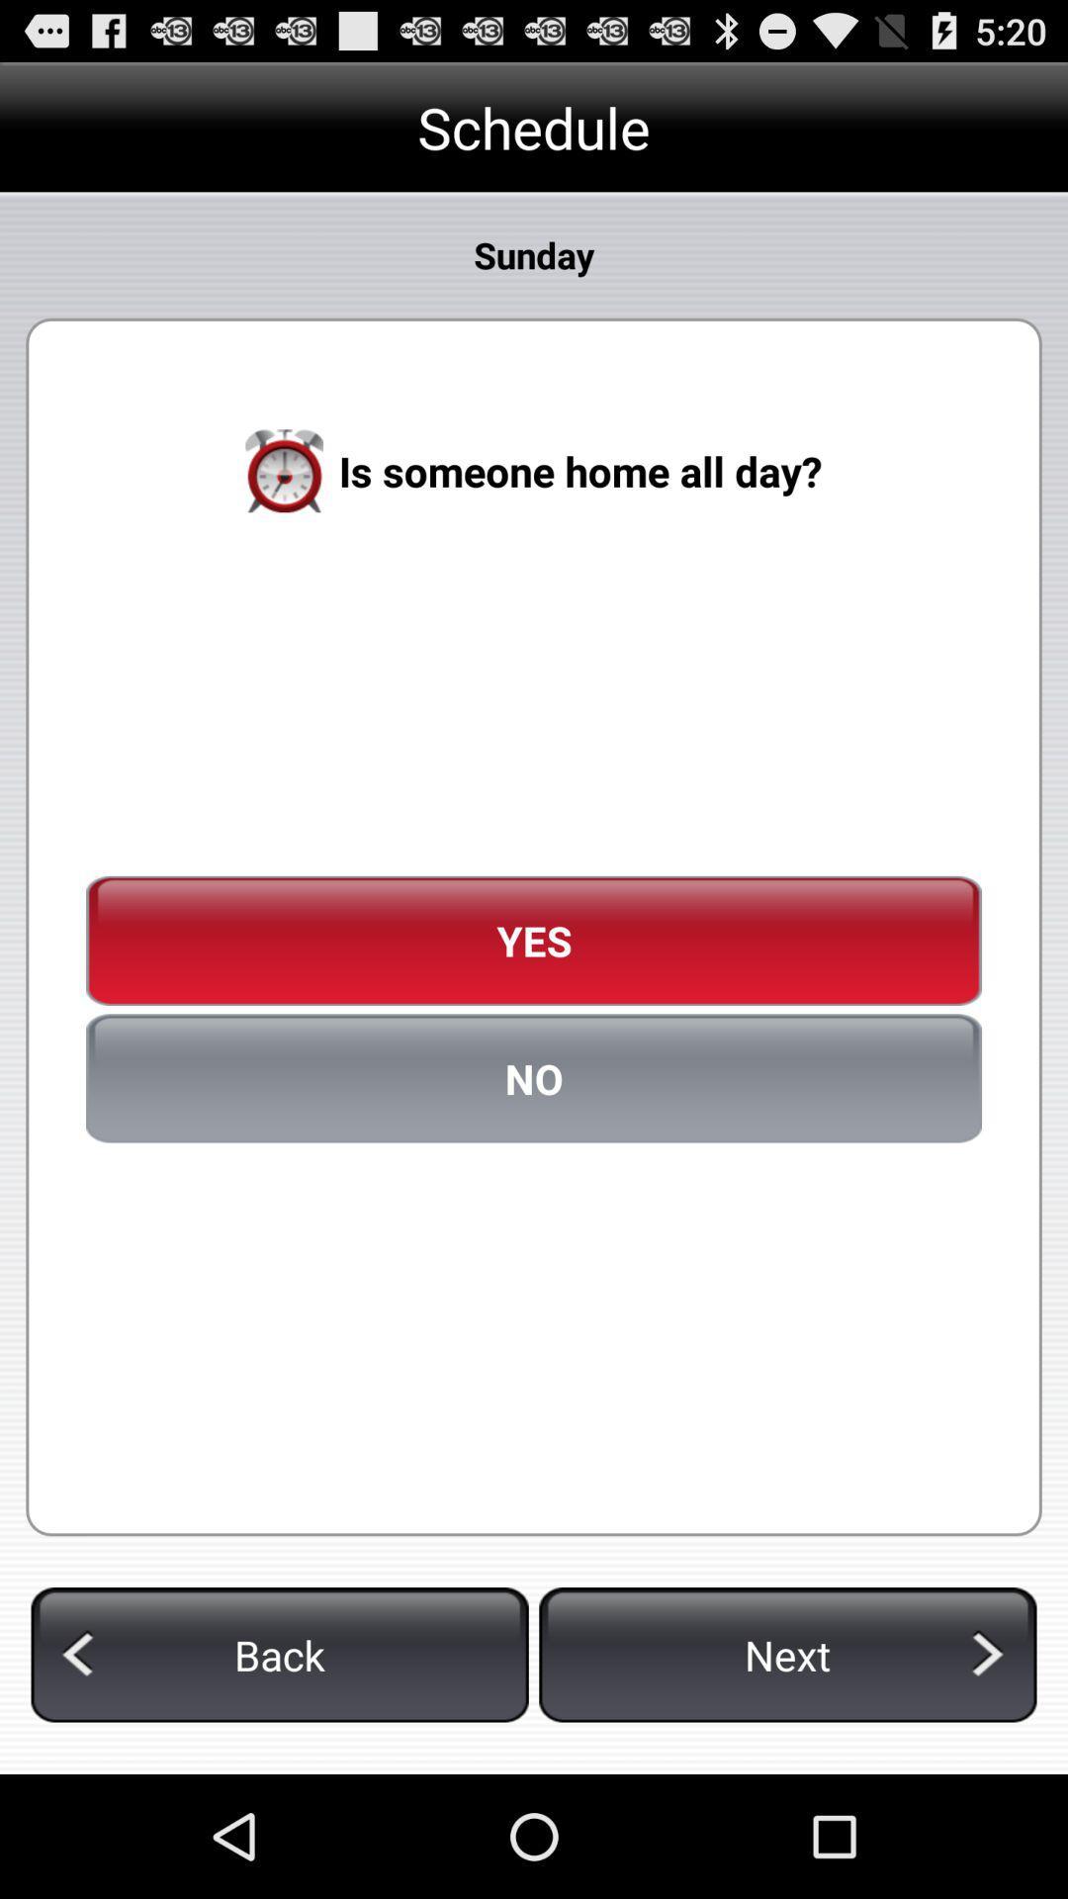 The image size is (1068, 1899). I want to click on the item at the bottom right corner, so click(786, 1655).